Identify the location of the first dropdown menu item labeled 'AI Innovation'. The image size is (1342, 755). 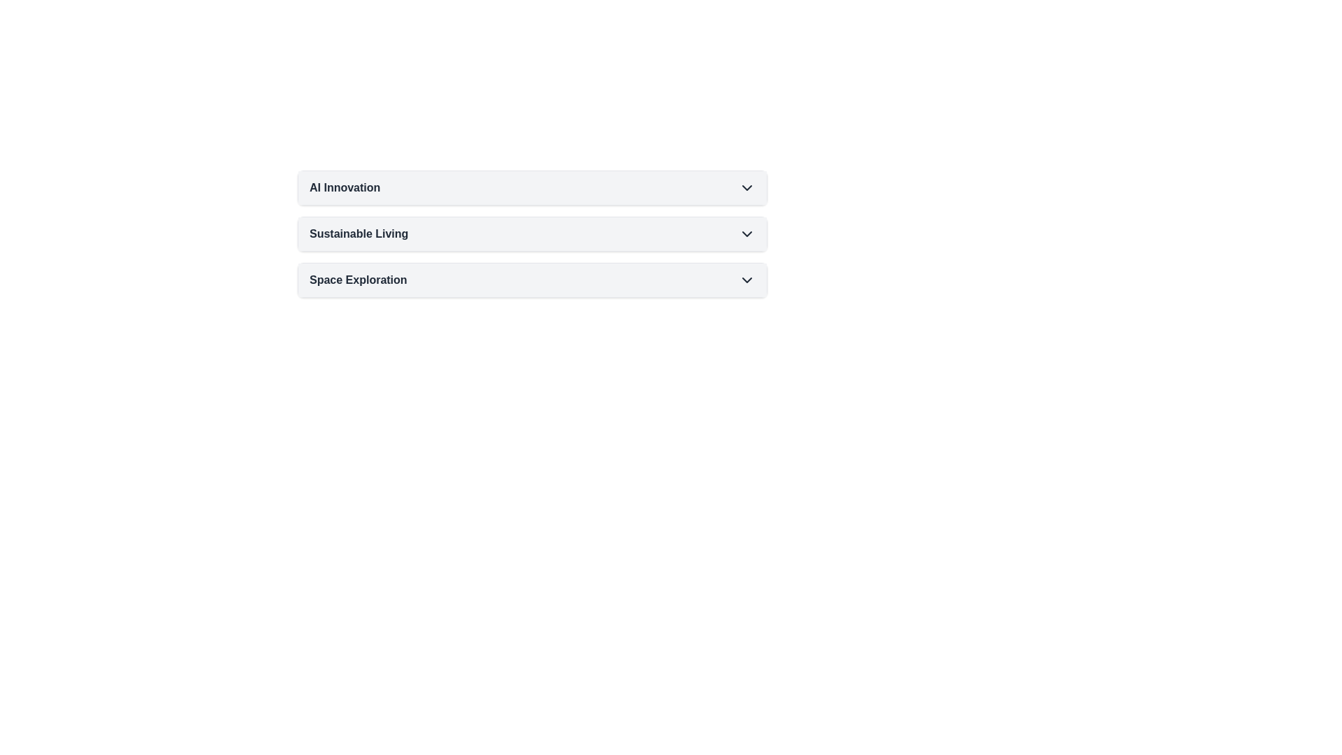
(532, 187).